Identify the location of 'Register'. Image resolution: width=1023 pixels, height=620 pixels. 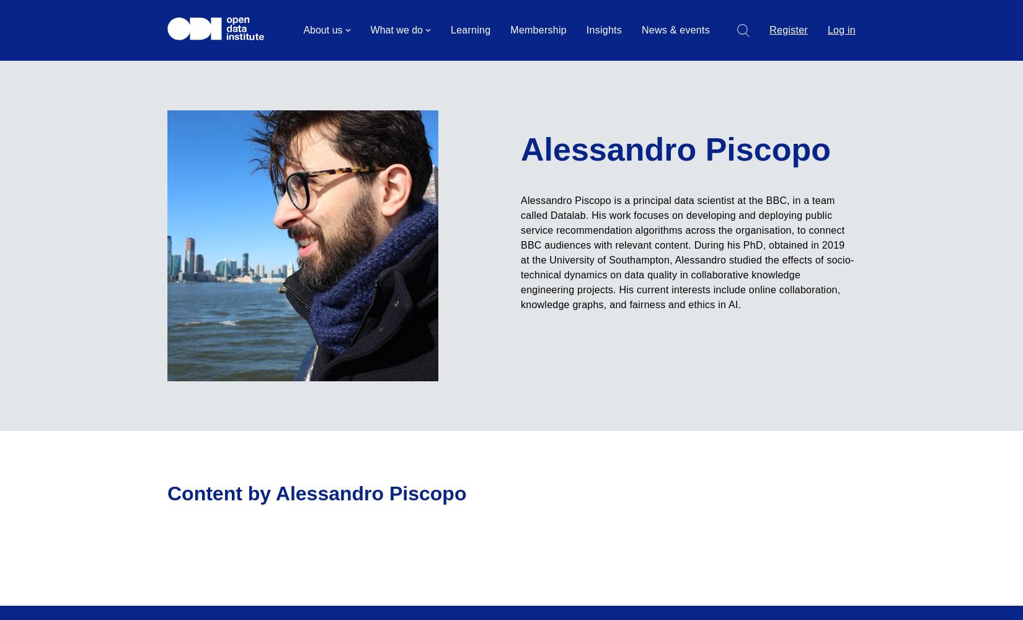
(787, 30).